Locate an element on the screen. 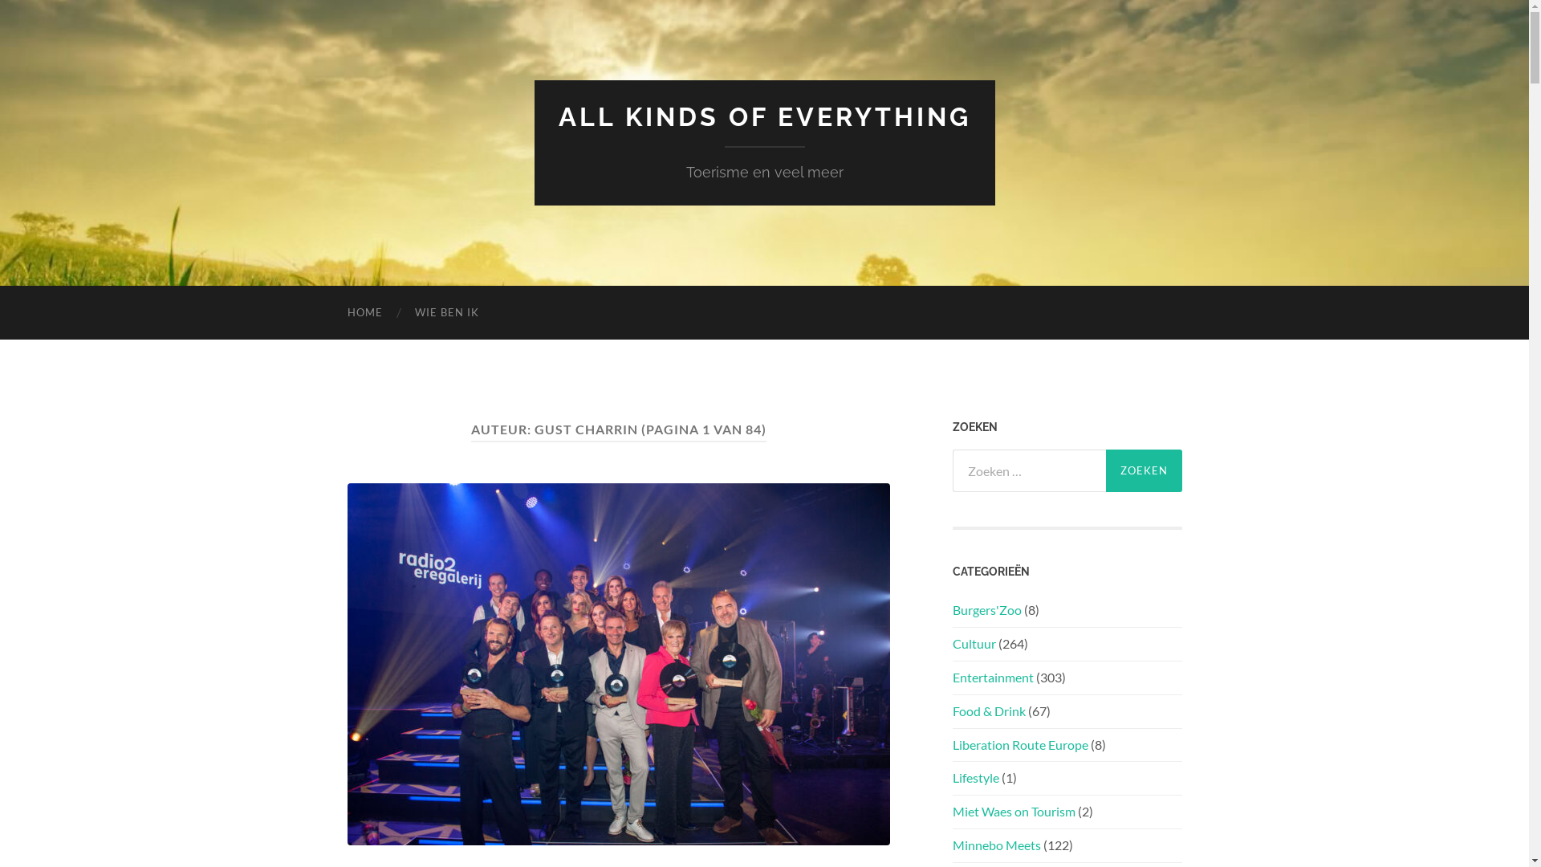 Image resolution: width=1541 pixels, height=867 pixels. 'Entertainment' is located at coordinates (991, 677).